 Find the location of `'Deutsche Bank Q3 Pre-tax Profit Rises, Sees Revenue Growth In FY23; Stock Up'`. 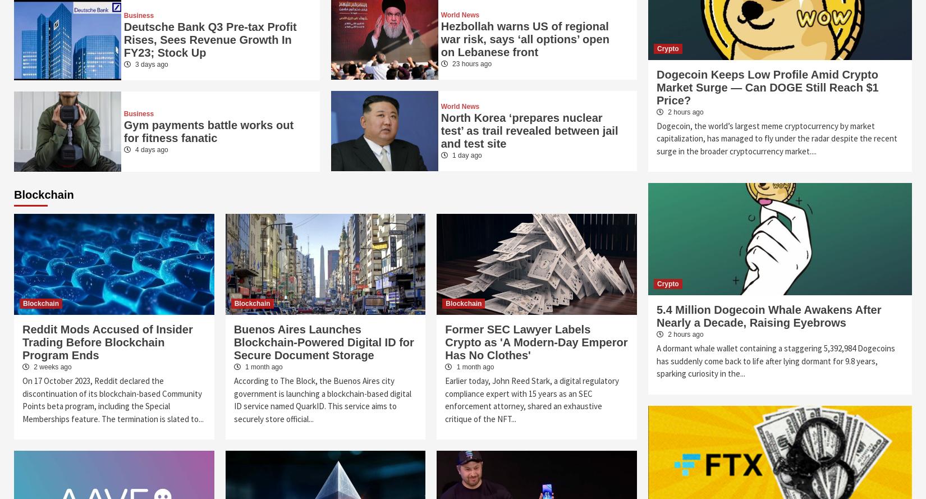

'Deutsche Bank Q3 Pre-tax Profit Rises, Sees Revenue Growth In FY23; Stock Up' is located at coordinates (210, 39).